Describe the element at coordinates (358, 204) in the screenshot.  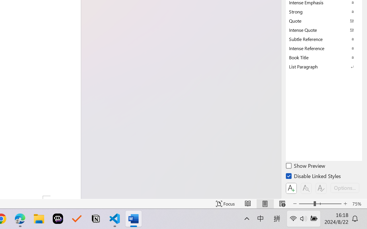
I see `'Zoom 75%'` at that location.